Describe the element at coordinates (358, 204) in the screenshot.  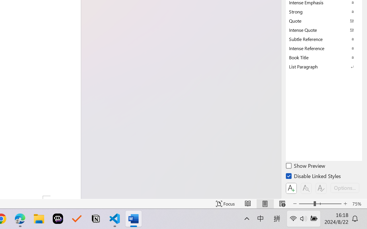
I see `'Zoom 75%'` at that location.